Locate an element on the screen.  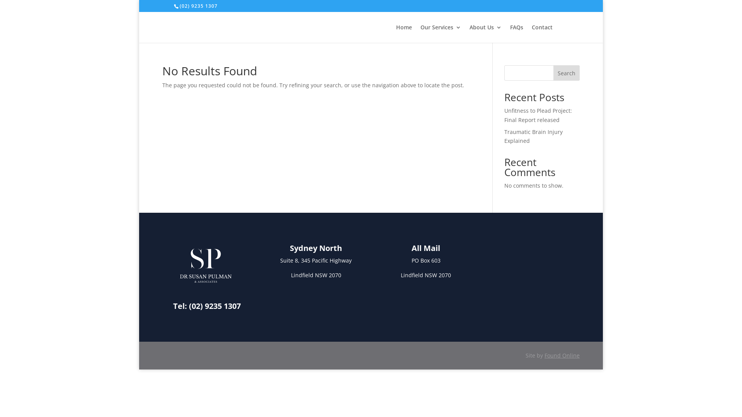
'Found Online' is located at coordinates (544, 355).